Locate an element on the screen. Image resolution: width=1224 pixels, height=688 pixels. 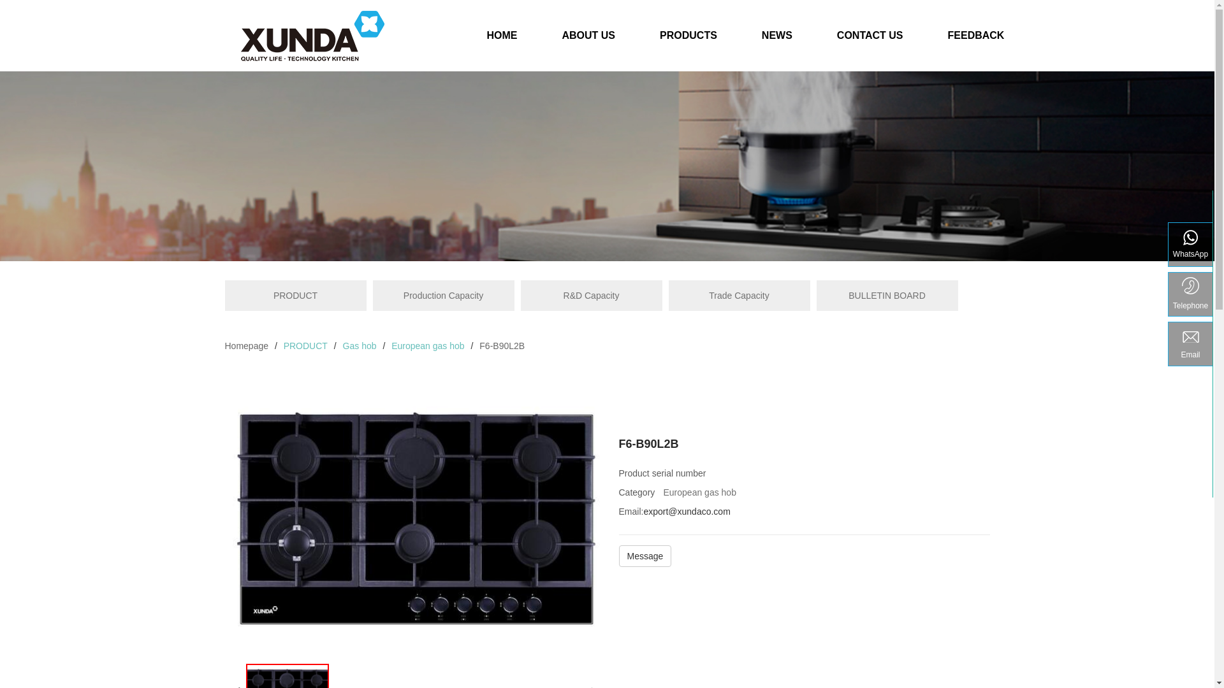
'R&D Capacity' is located at coordinates (590, 295).